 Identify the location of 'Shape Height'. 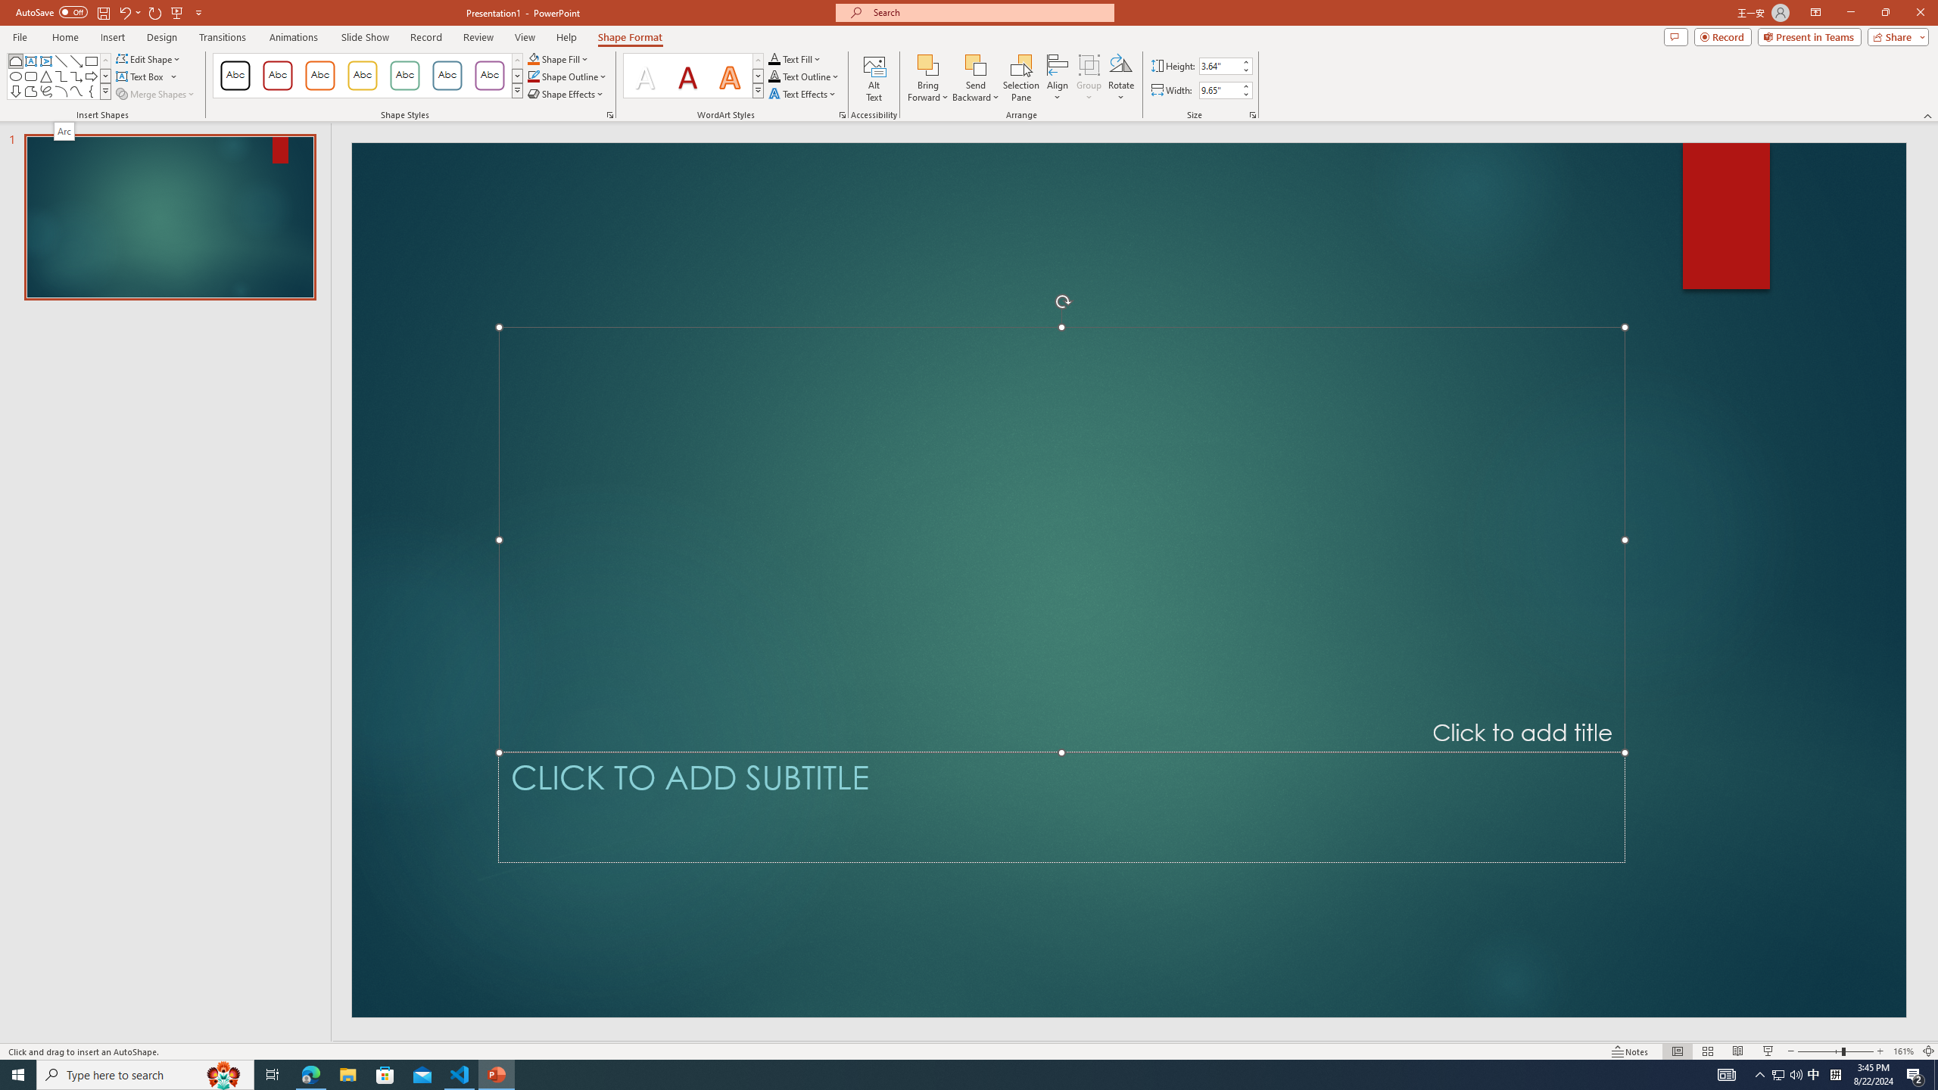
(1219, 66).